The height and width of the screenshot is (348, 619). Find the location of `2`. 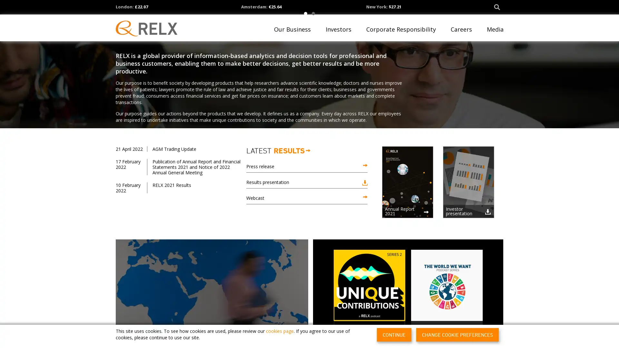

2 is located at coordinates (313, 14).